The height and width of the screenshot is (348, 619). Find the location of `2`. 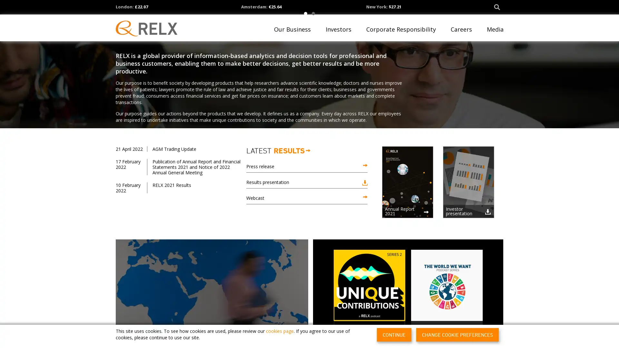

2 is located at coordinates (313, 14).